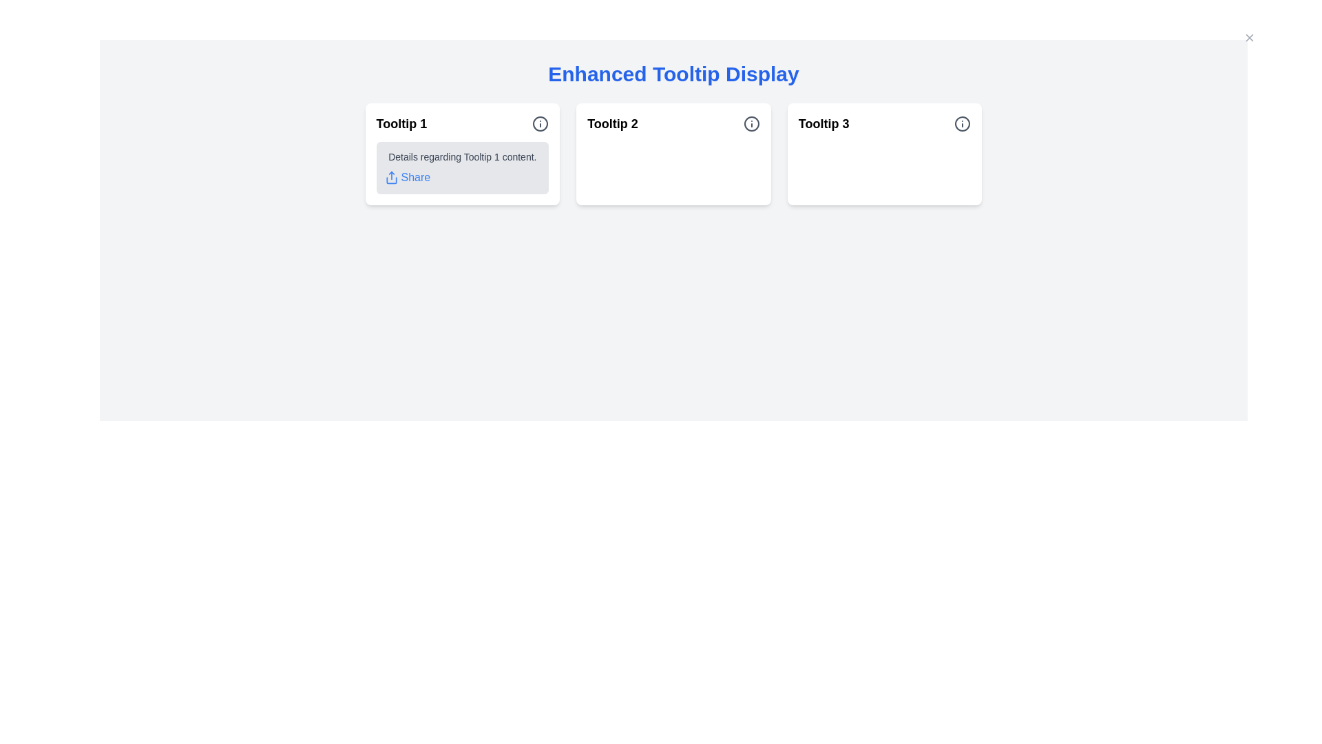 Image resolution: width=1322 pixels, height=744 pixels. I want to click on the text label located centrally within the second card, positioned between the cards labeled 'Tooltip 1' and 'Tooltip 3', so click(611, 124).